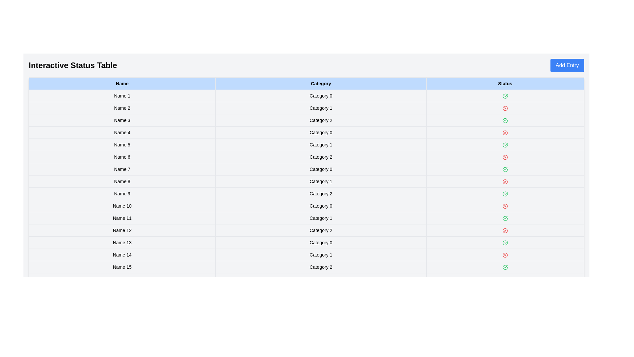 The image size is (634, 357). Describe the element at coordinates (505, 83) in the screenshot. I see `the column header to sort the table by Status` at that location.